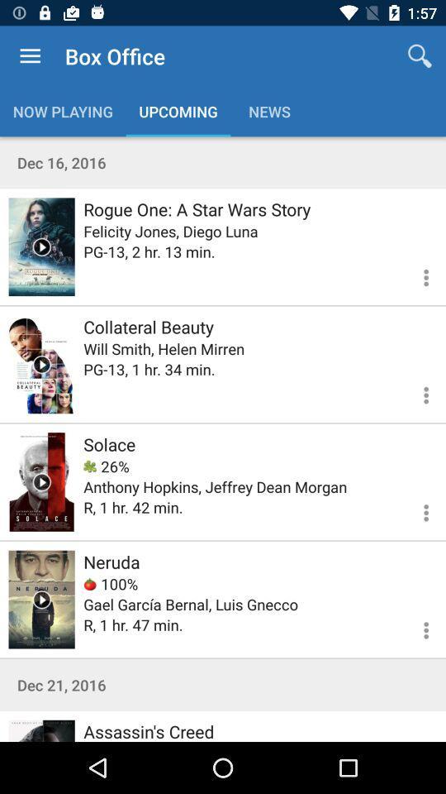  What do you see at coordinates (41, 246) in the screenshot?
I see `click video to play` at bounding box center [41, 246].